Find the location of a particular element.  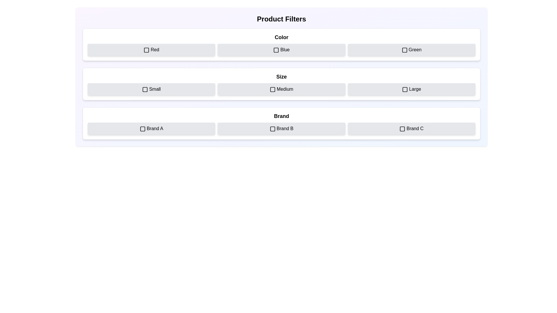

the selection indicator icon for the 'Medium' size filter button, which is centrally aligned within the button in the 'Size' filter group is located at coordinates (272, 89).